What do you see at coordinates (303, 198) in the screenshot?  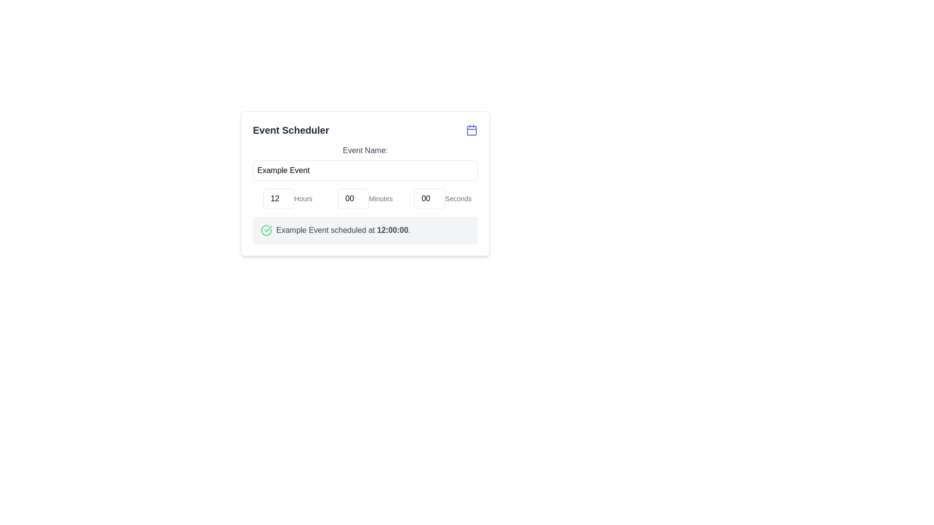 I see `the text label indicating 'Hours', which is located to the right of the number input field showing the value '12'` at bounding box center [303, 198].